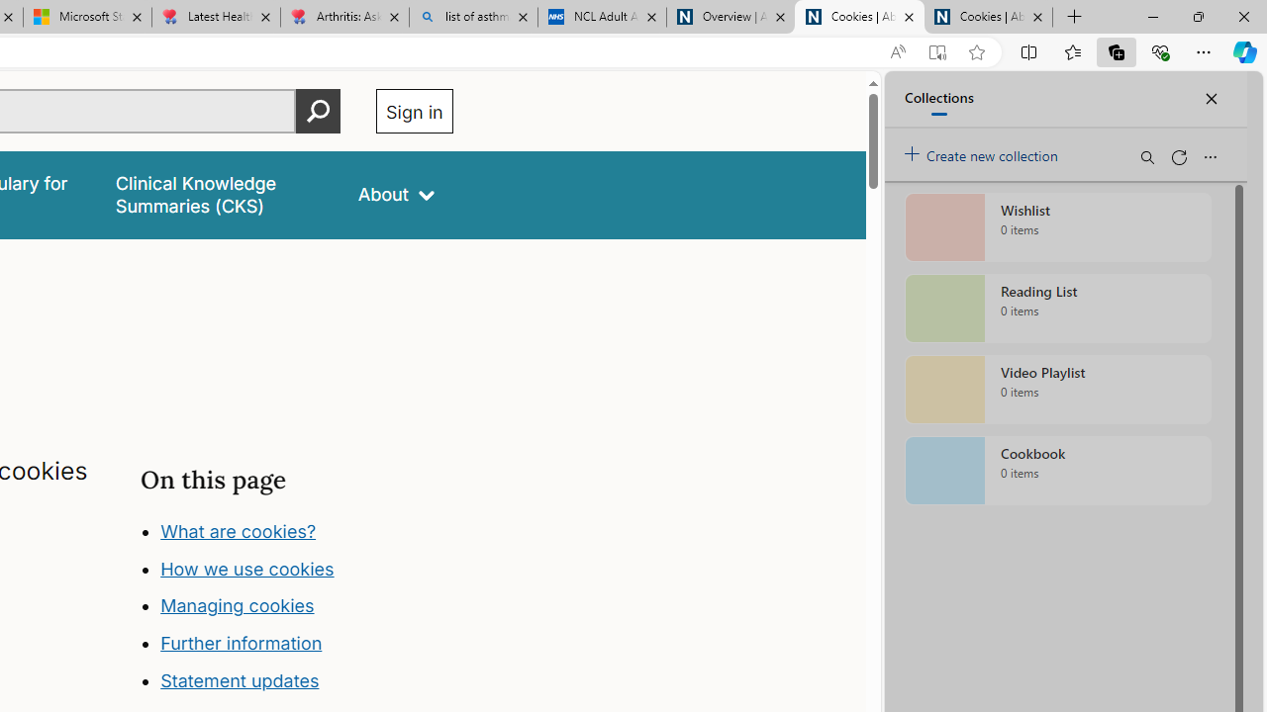  I want to click on 'Perform search', so click(318, 111).